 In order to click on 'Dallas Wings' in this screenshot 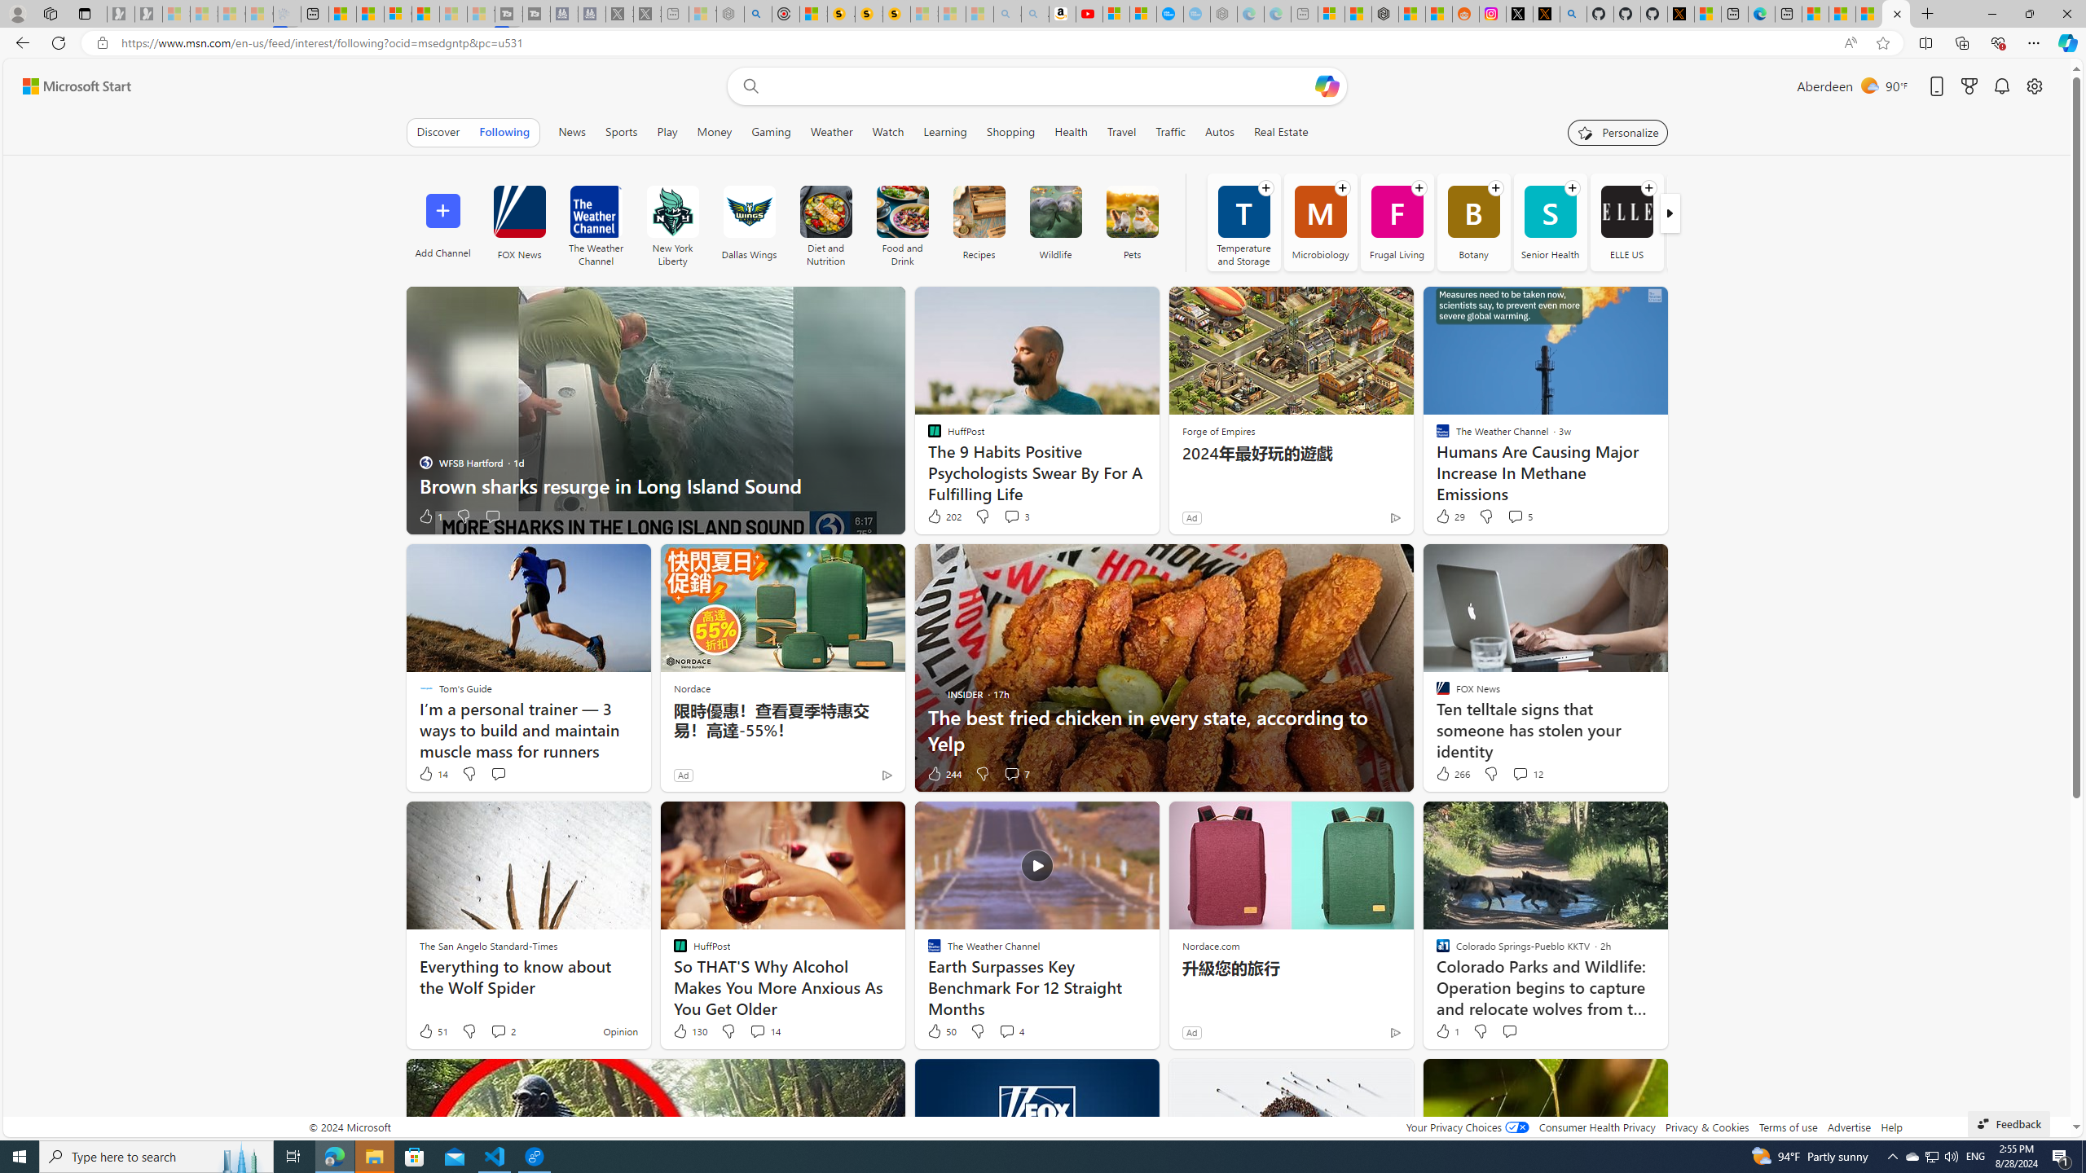, I will do `click(748, 210)`.